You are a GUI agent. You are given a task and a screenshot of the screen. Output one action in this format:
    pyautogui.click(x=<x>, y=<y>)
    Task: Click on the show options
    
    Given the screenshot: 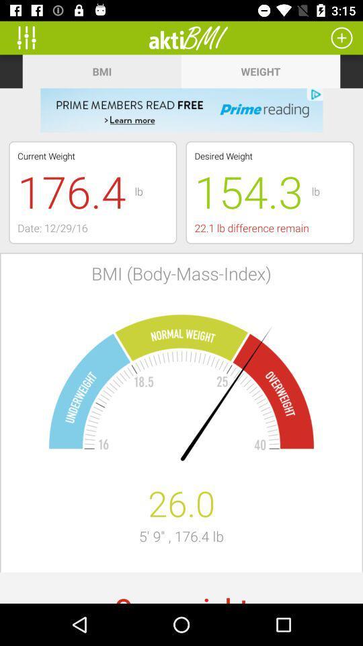 What is the action you would take?
    pyautogui.click(x=31, y=37)
    